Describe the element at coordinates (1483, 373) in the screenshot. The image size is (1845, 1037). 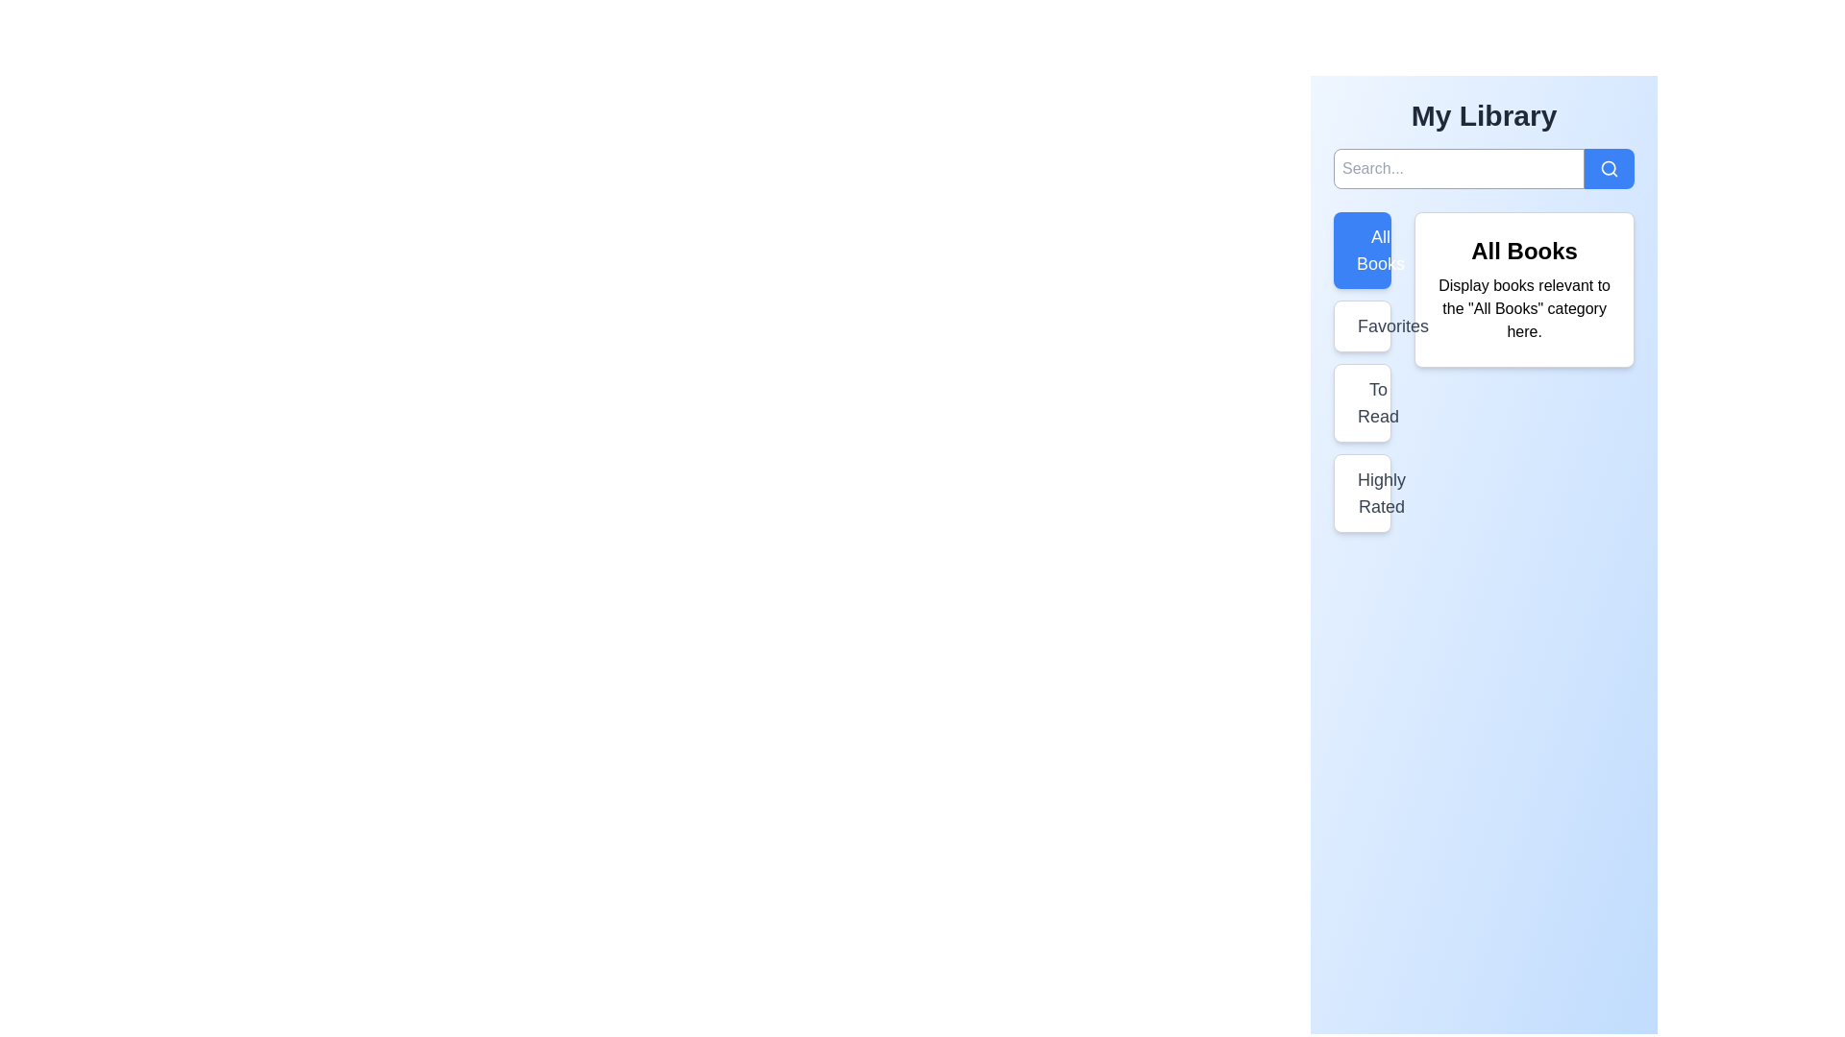
I see `text within the 'All Books' content display area, which is positioned in the right portion of the grid layout next to the vertical list of buttons` at that location.